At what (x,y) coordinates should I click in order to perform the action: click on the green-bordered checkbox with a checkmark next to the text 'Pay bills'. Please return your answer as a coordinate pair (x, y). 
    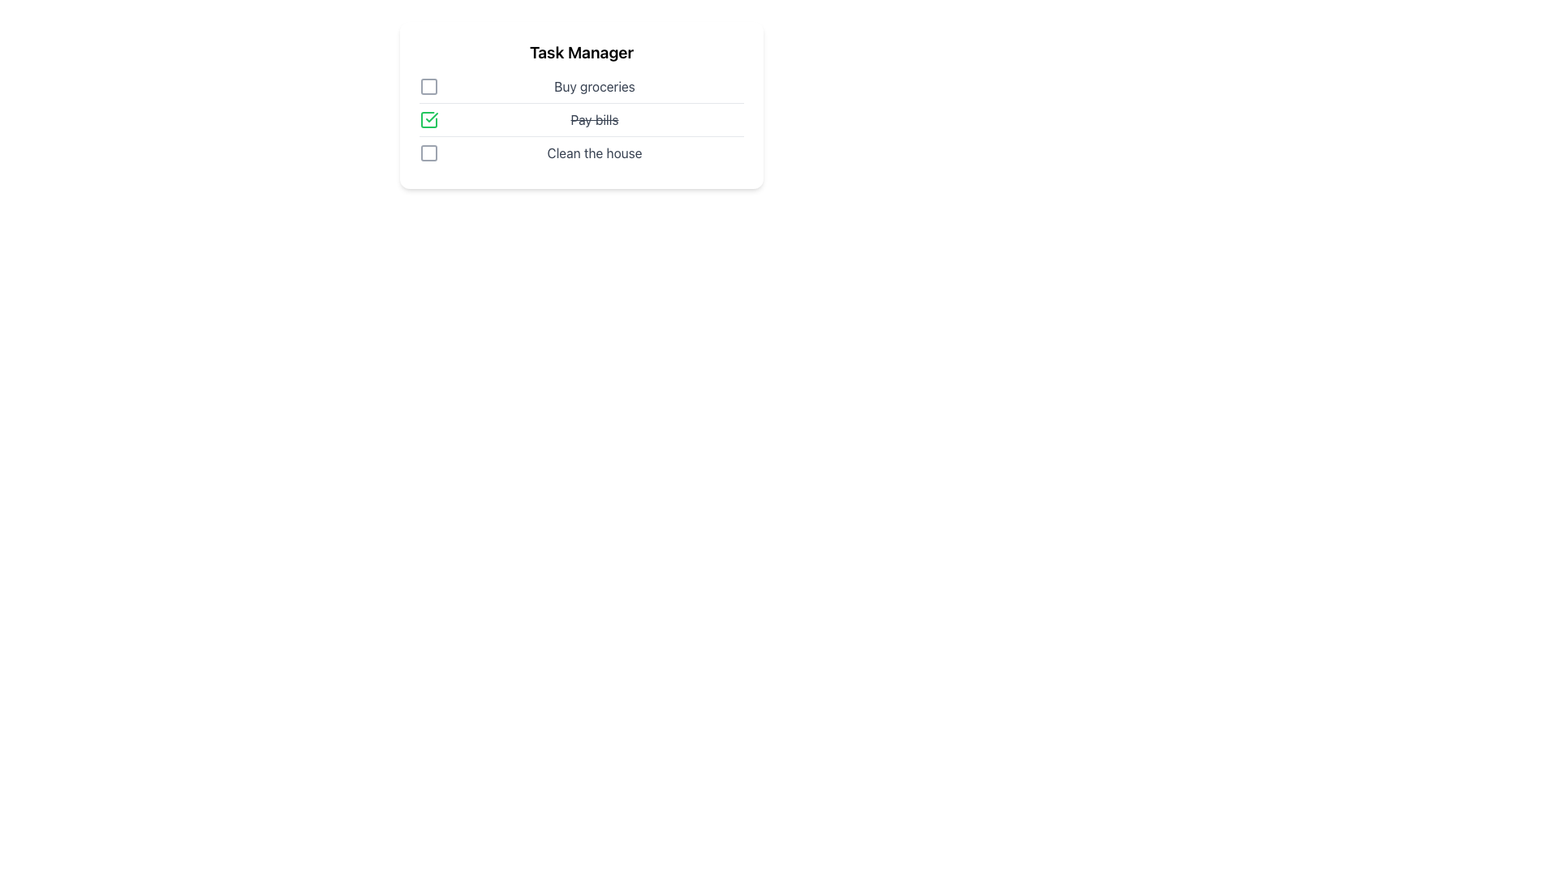
    Looking at the image, I should click on (428, 118).